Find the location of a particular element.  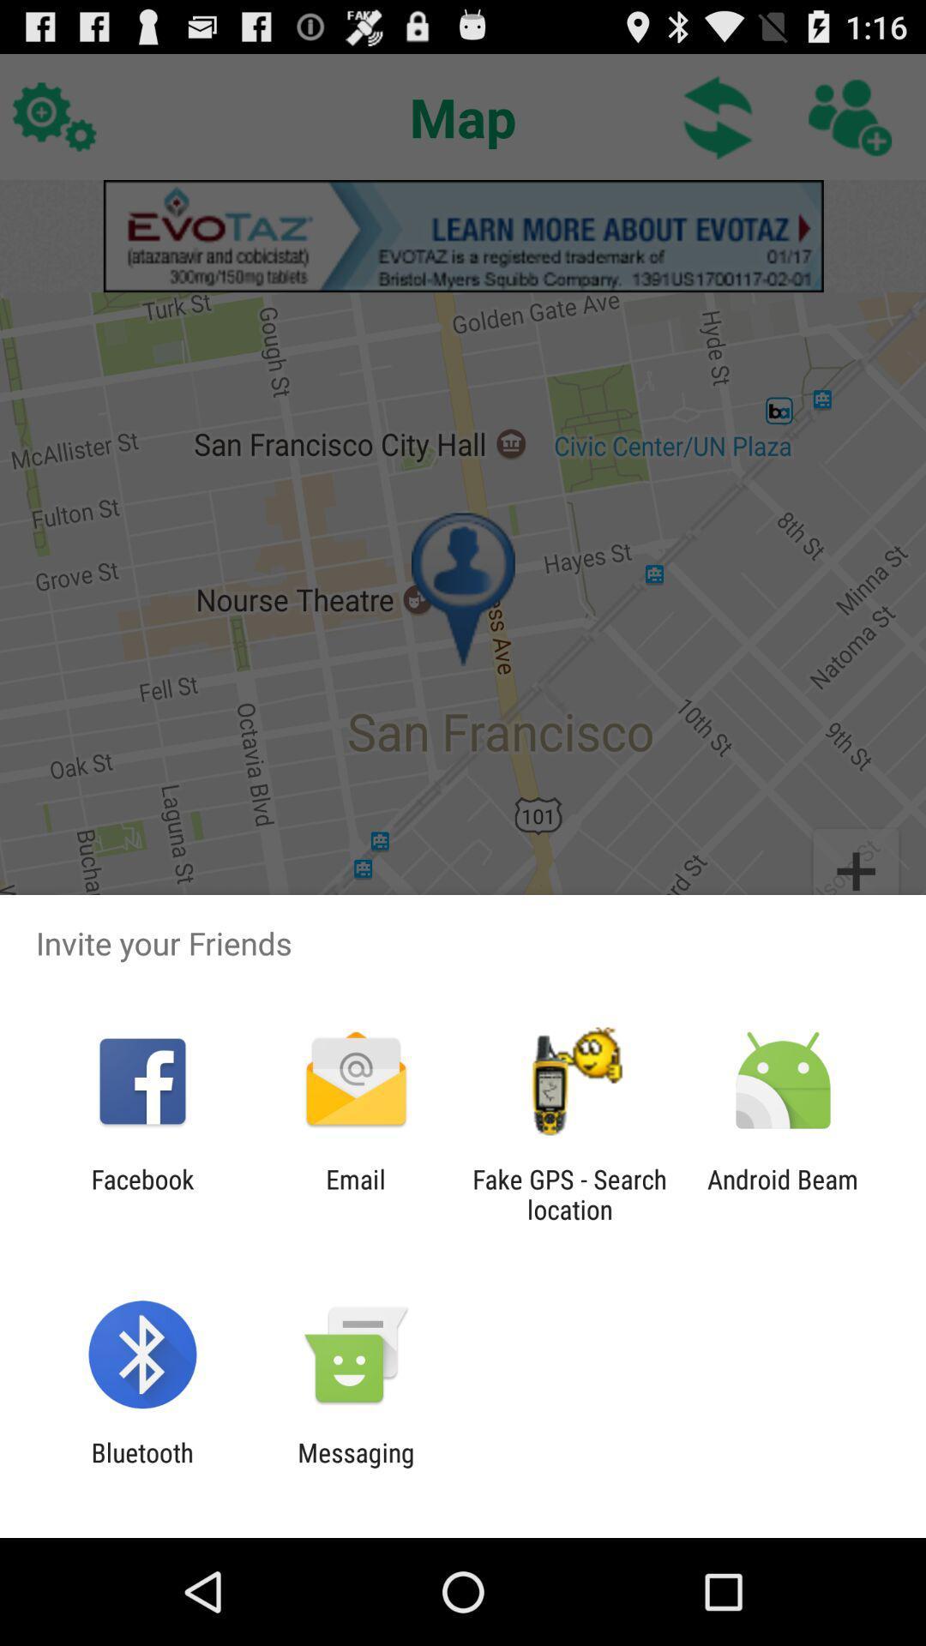

icon to the right of the email is located at coordinates (569, 1193).